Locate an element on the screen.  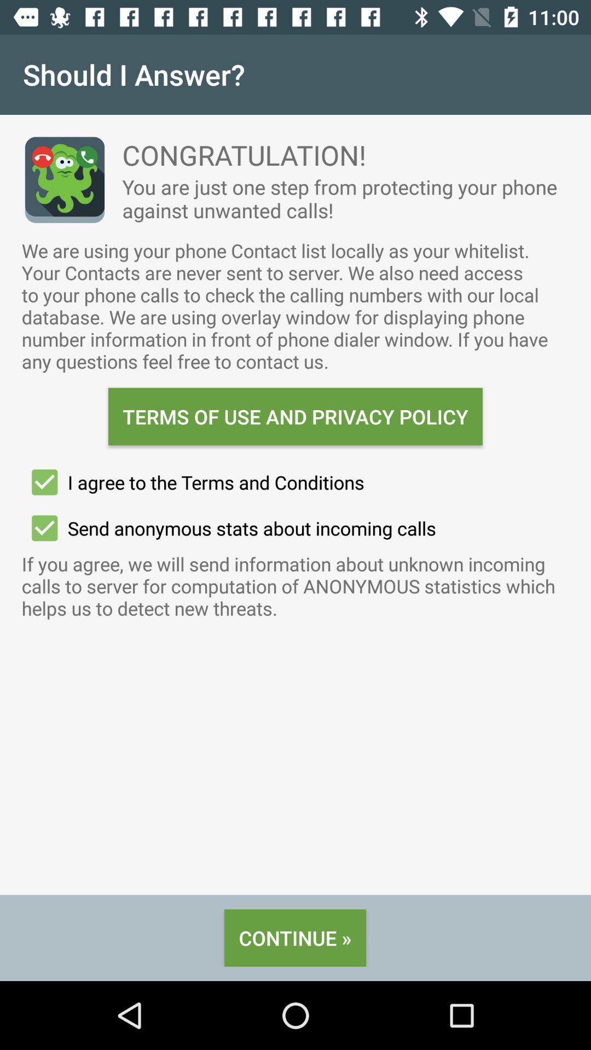
the terms of use item is located at coordinates (296, 416).